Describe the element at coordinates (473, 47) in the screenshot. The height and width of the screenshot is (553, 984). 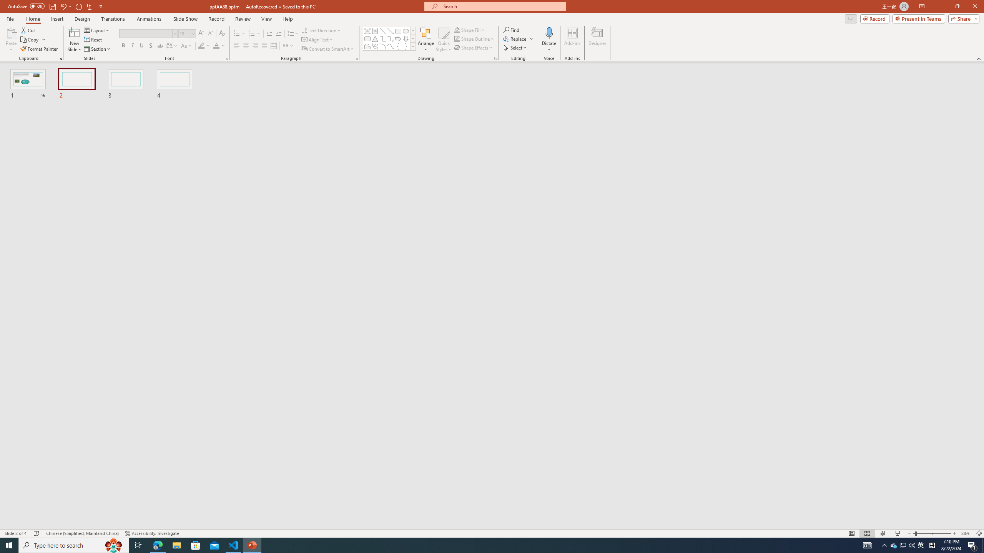
I see `'Shape Effects'` at that location.